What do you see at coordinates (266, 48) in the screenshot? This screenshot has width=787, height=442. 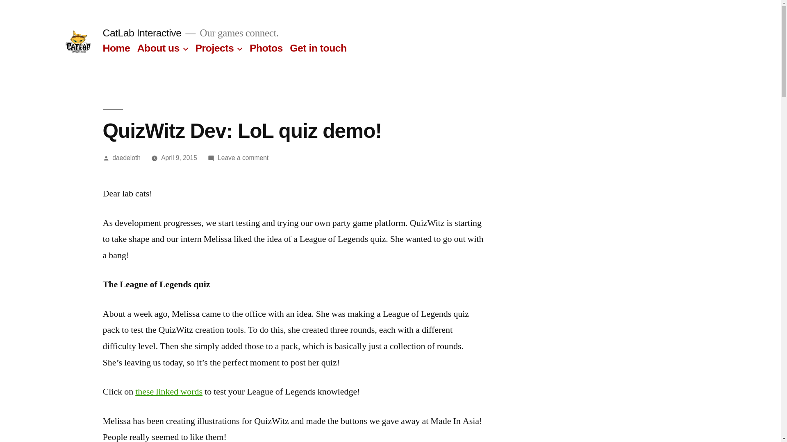 I see `'Photos'` at bounding box center [266, 48].